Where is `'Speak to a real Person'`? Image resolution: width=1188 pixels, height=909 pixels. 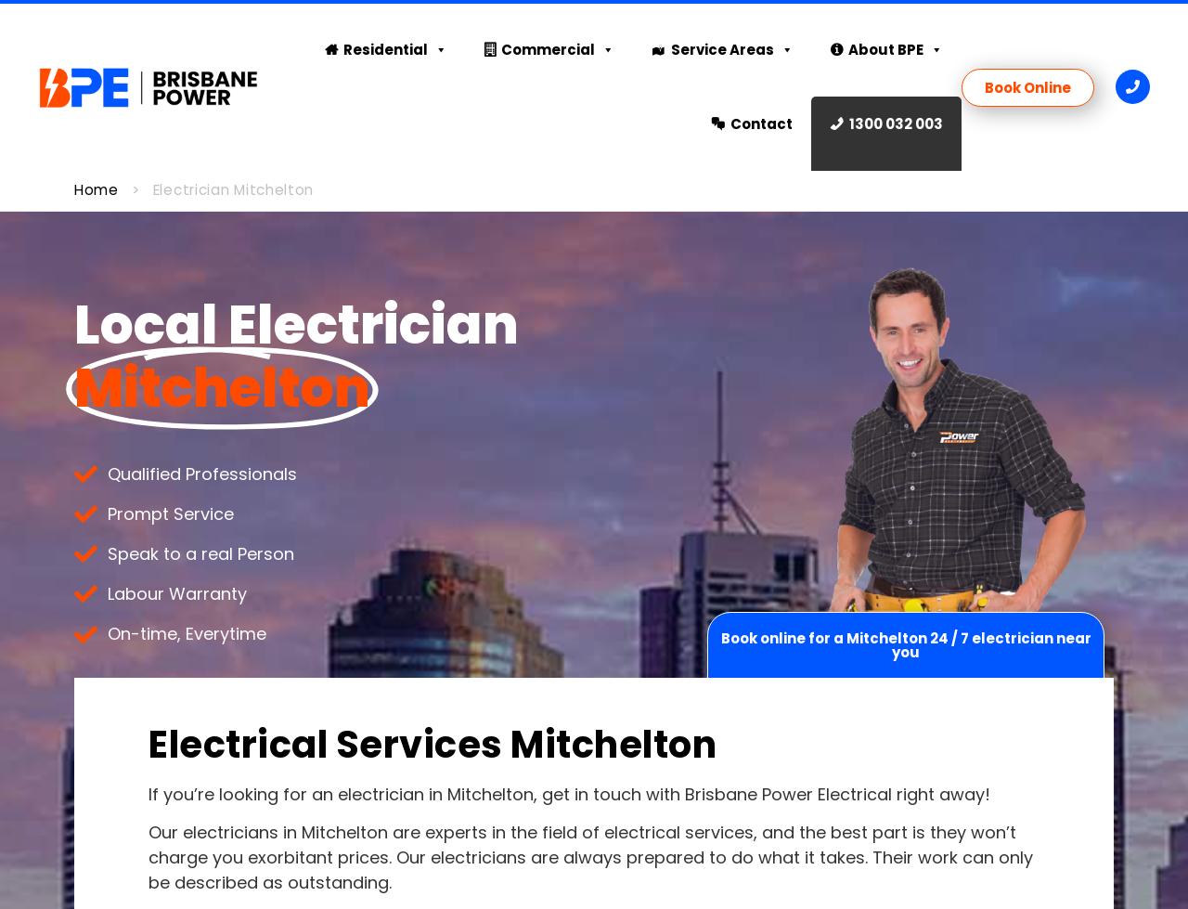 'Speak to a real Person' is located at coordinates (200, 552).